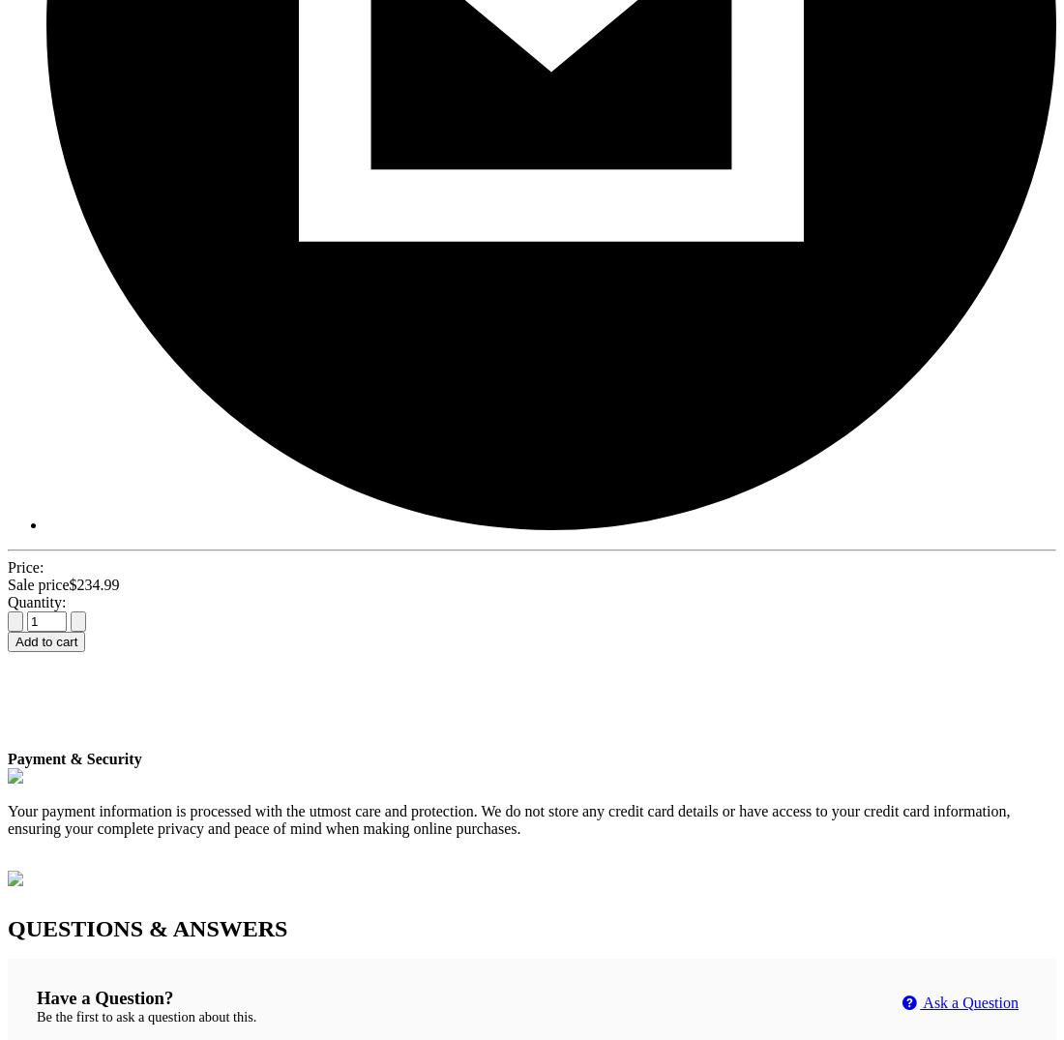 This screenshot has width=1064, height=1040. Describe the element at coordinates (145, 1017) in the screenshot. I see `'Be the first to ask a question about this.'` at that location.